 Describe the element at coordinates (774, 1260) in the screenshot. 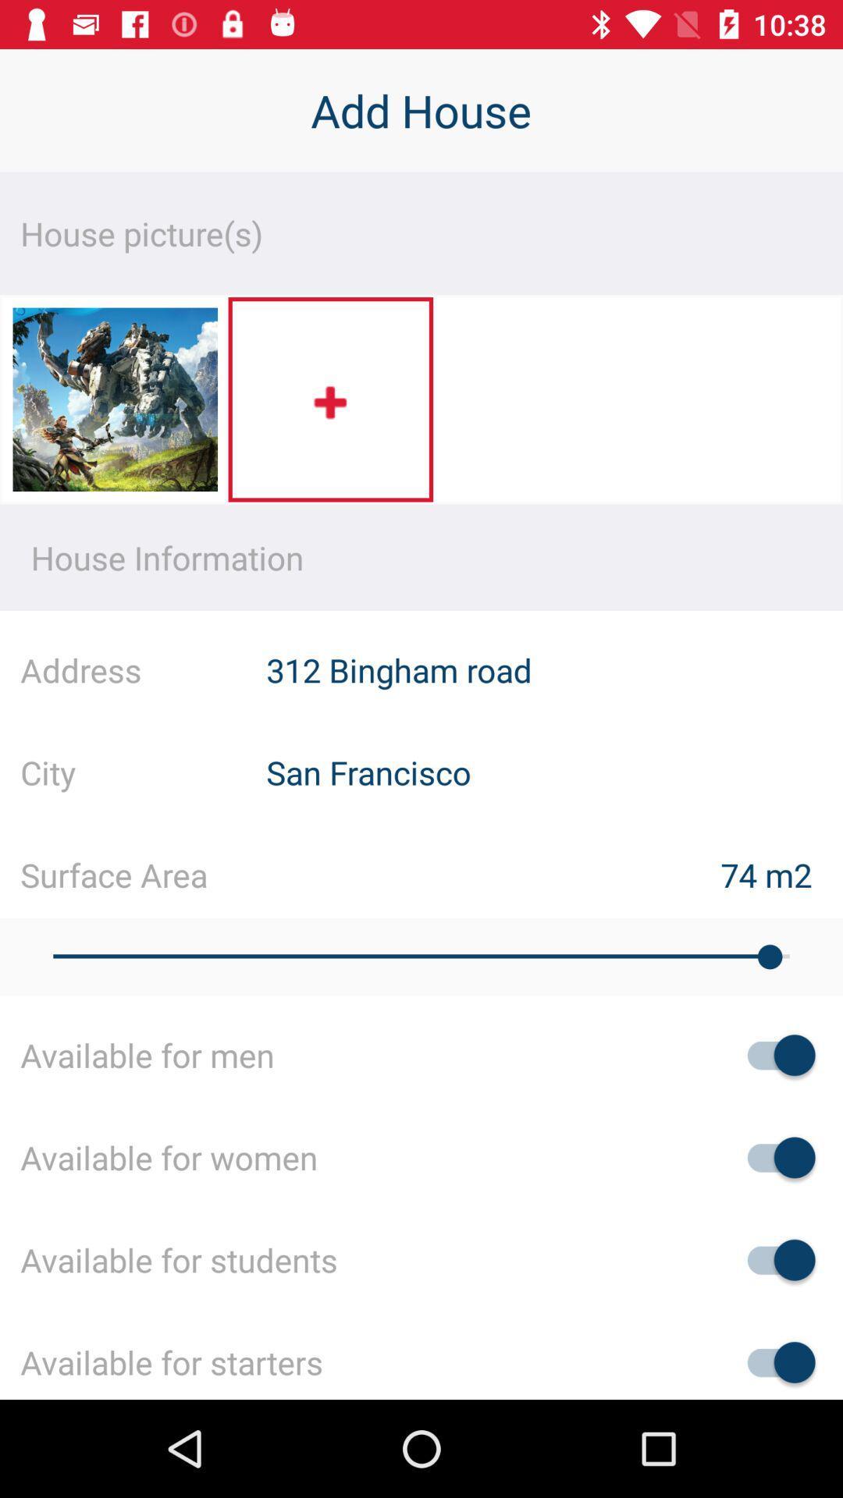

I see `available for students on` at that location.